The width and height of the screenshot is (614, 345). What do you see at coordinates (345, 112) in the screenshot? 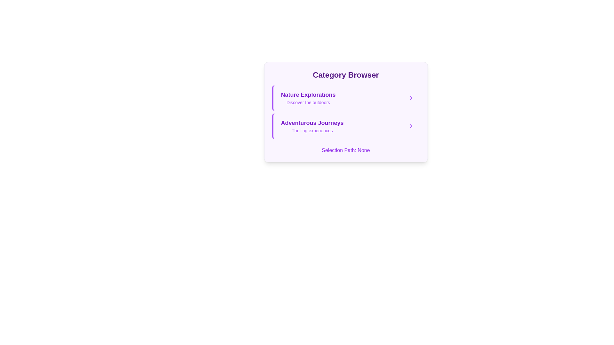
I see `the Navigational menu containing the entries 'Nature Explorations' and 'Adventurous Journeys'` at bounding box center [345, 112].